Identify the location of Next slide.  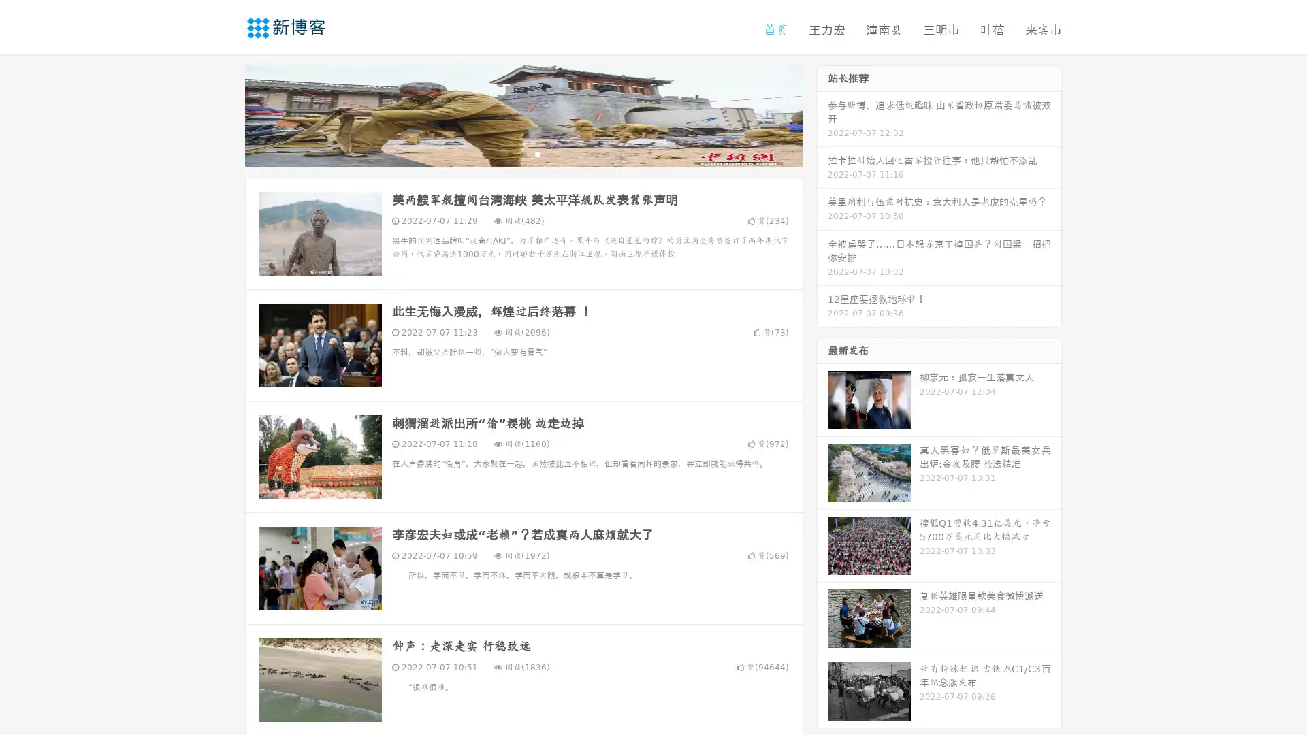
(822, 114).